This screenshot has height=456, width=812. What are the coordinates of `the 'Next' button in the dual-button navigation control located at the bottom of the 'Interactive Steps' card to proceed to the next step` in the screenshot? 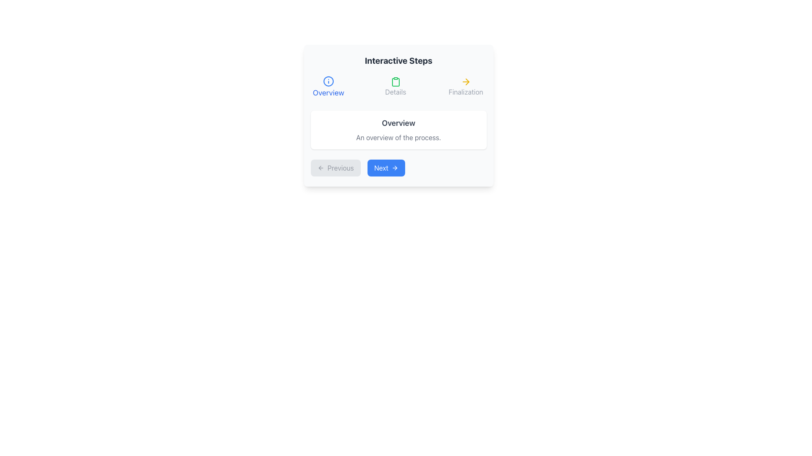 It's located at (398, 168).